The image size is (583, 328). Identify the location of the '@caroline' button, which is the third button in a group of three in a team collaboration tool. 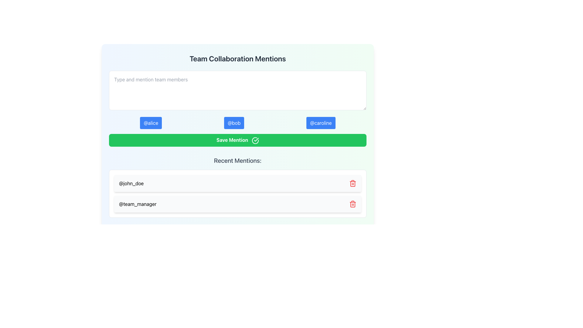
(320, 123).